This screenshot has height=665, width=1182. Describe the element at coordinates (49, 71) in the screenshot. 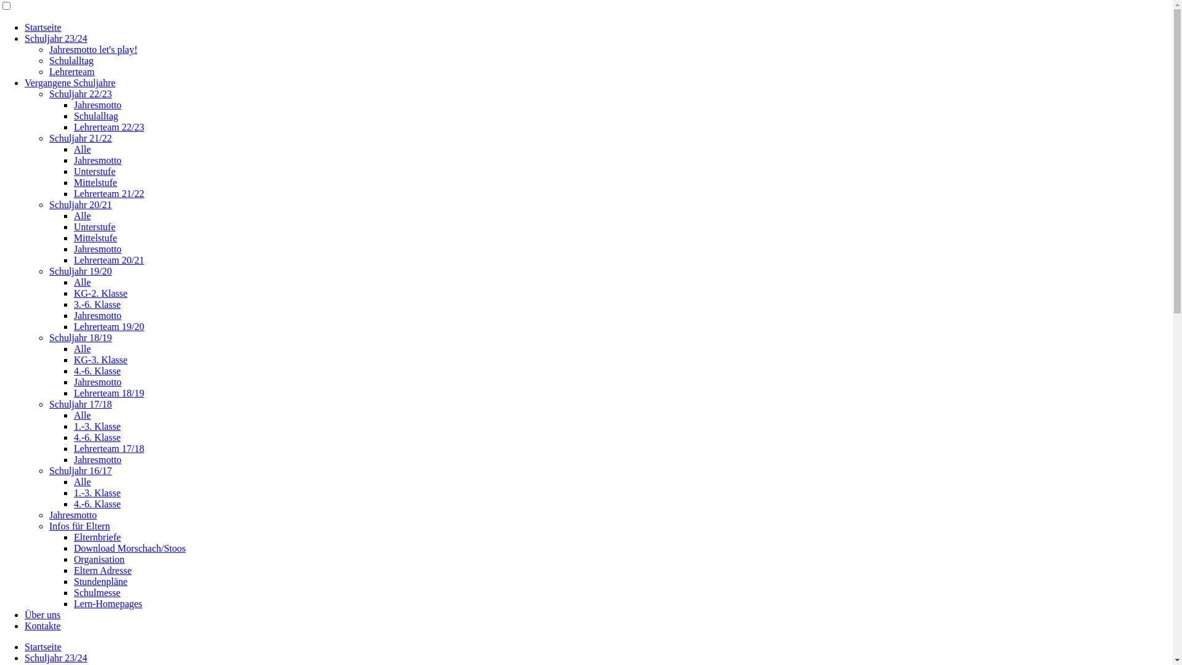

I see `'Lehrerteam'` at that location.